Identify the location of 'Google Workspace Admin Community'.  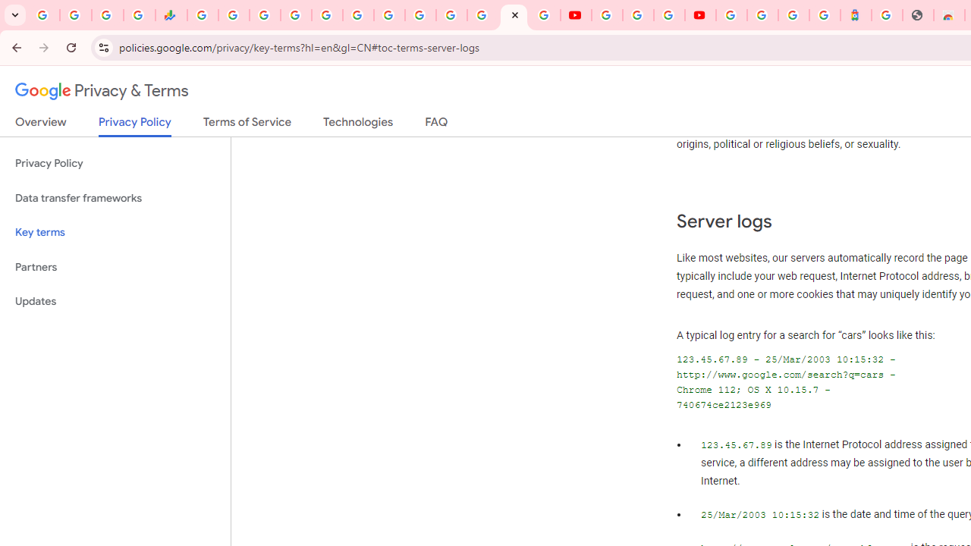
(44, 15).